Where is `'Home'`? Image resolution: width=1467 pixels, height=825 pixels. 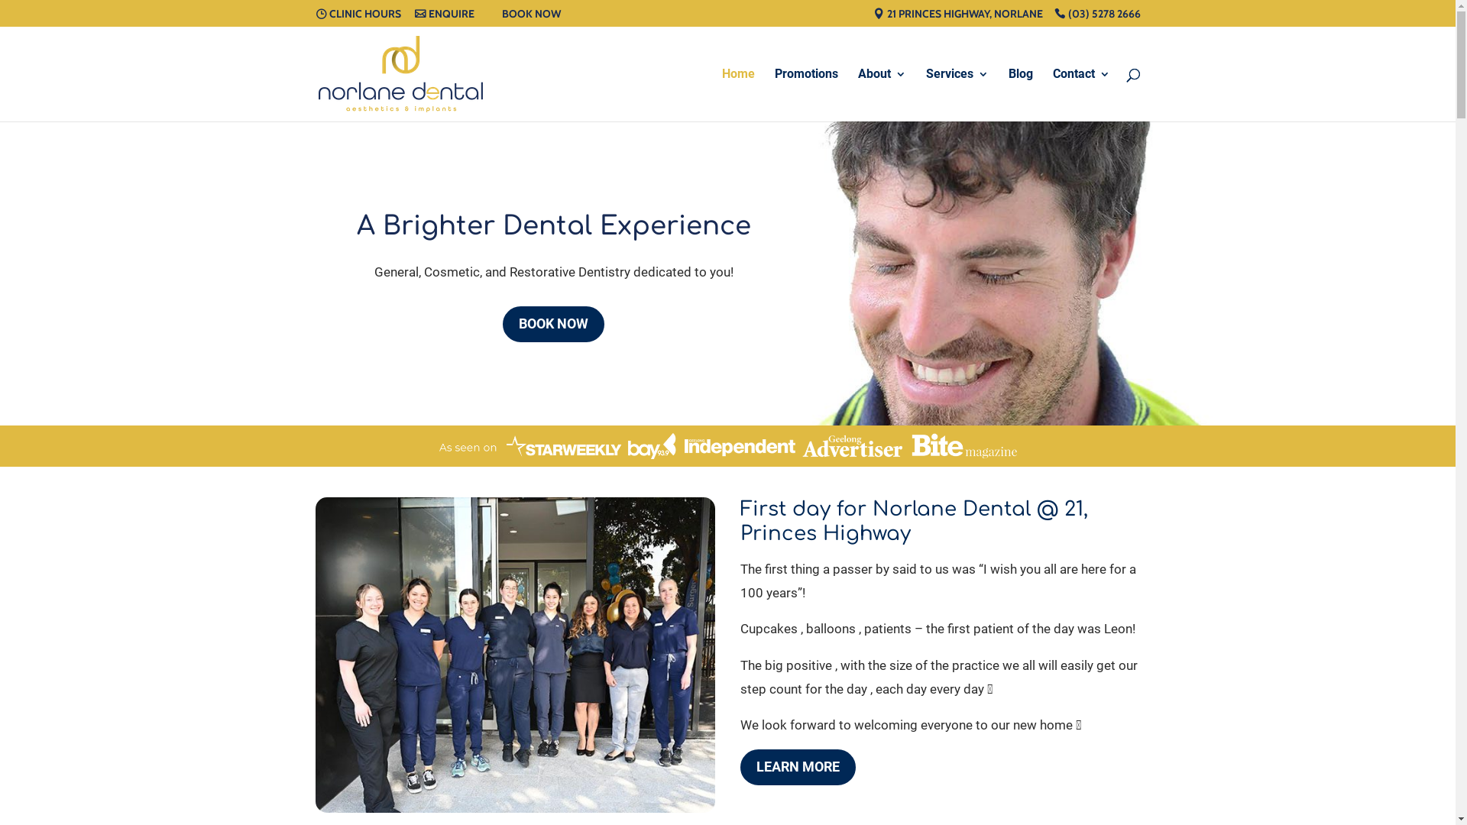 'Home' is located at coordinates (737, 95).